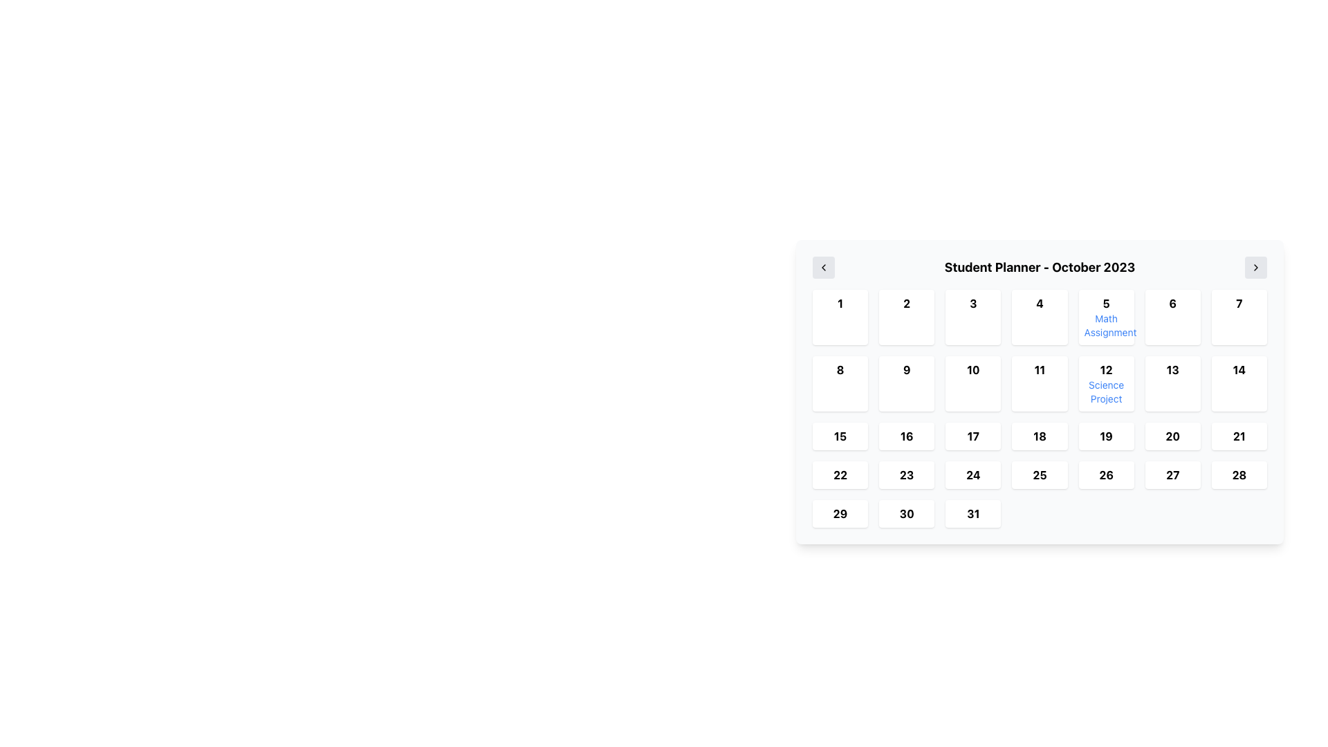 The width and height of the screenshot is (1328, 747). Describe the element at coordinates (1105, 474) in the screenshot. I see `the bold number '26' in the calendar view` at that location.